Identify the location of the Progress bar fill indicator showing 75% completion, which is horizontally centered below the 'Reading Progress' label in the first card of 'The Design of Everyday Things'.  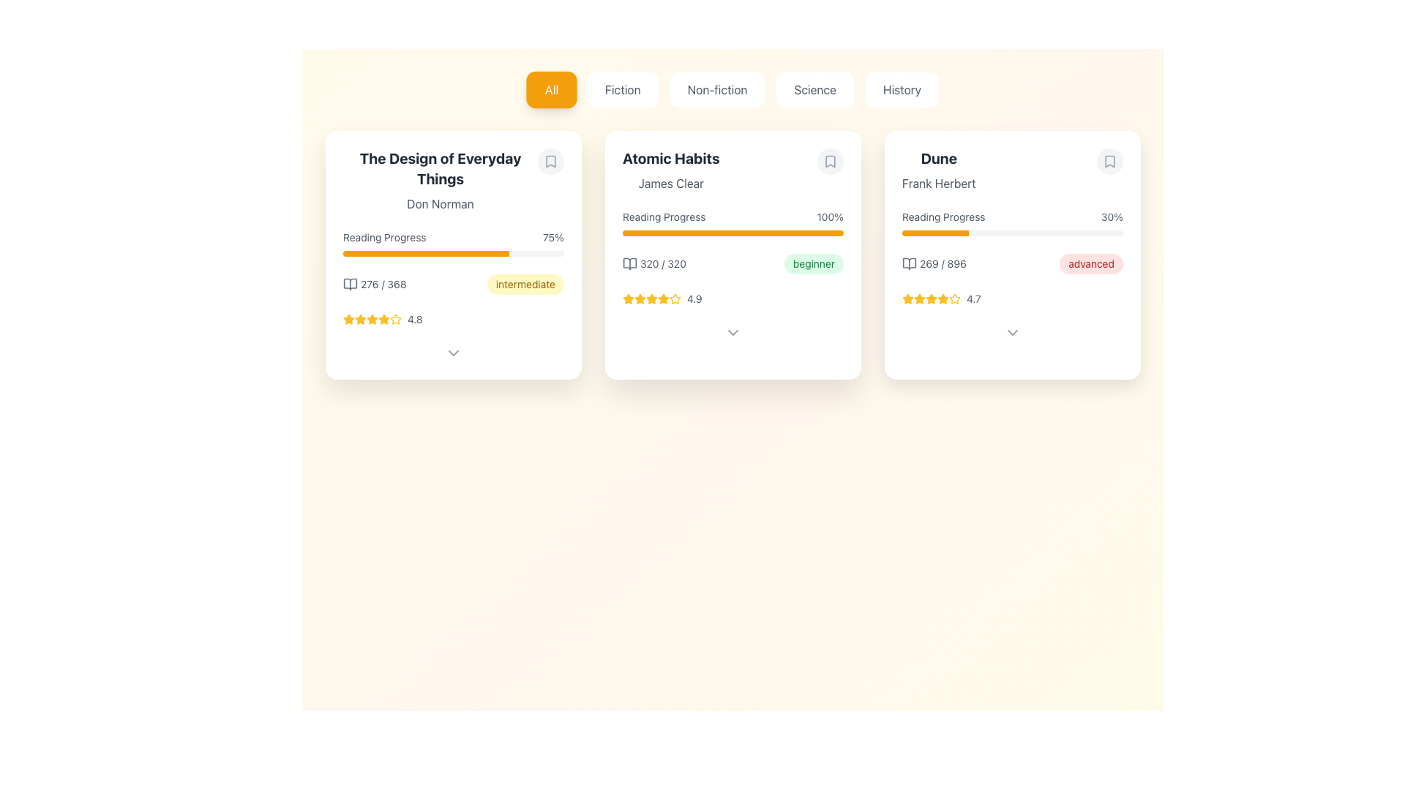
(425, 253).